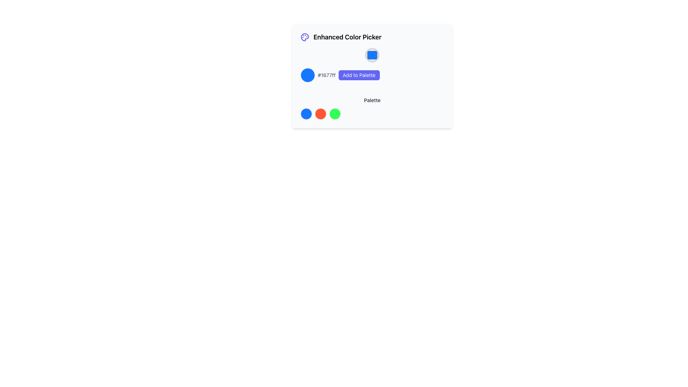 Image resolution: width=688 pixels, height=387 pixels. Describe the element at coordinates (372, 55) in the screenshot. I see `the circular blue button with a gray border, located in the color selection interface` at that location.